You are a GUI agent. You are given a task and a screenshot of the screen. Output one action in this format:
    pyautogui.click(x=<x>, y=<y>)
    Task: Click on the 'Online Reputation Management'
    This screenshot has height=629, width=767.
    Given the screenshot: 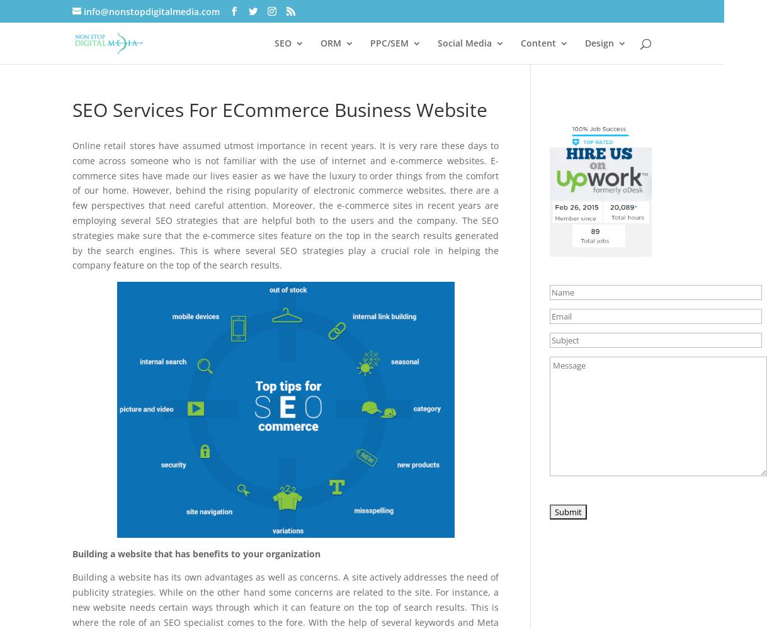 What is the action you would take?
    pyautogui.click(x=385, y=99)
    